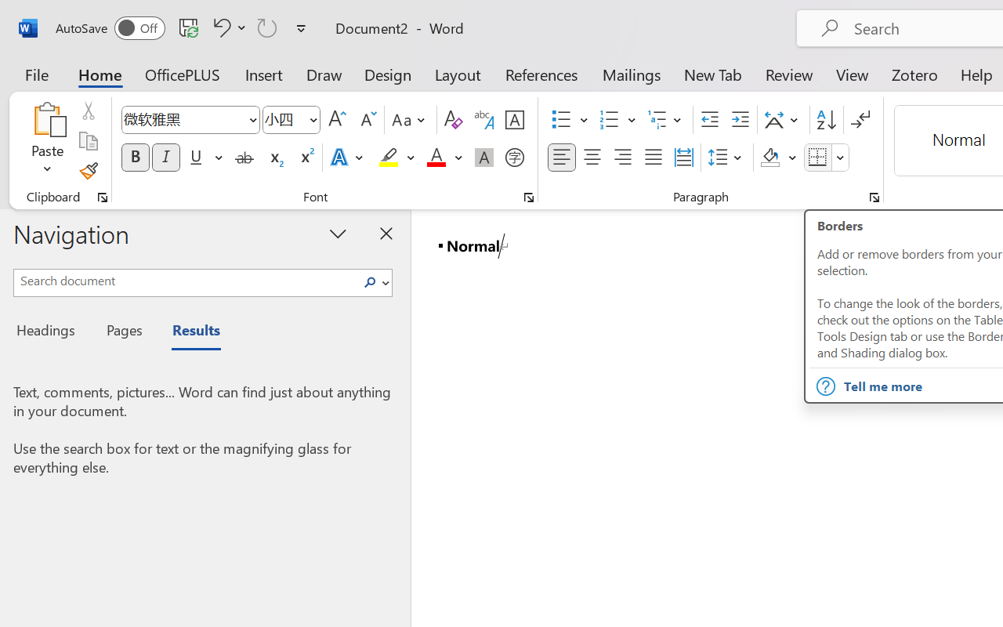 Image resolution: width=1003 pixels, height=627 pixels. Describe the element at coordinates (188, 27) in the screenshot. I see `'Save'` at that location.